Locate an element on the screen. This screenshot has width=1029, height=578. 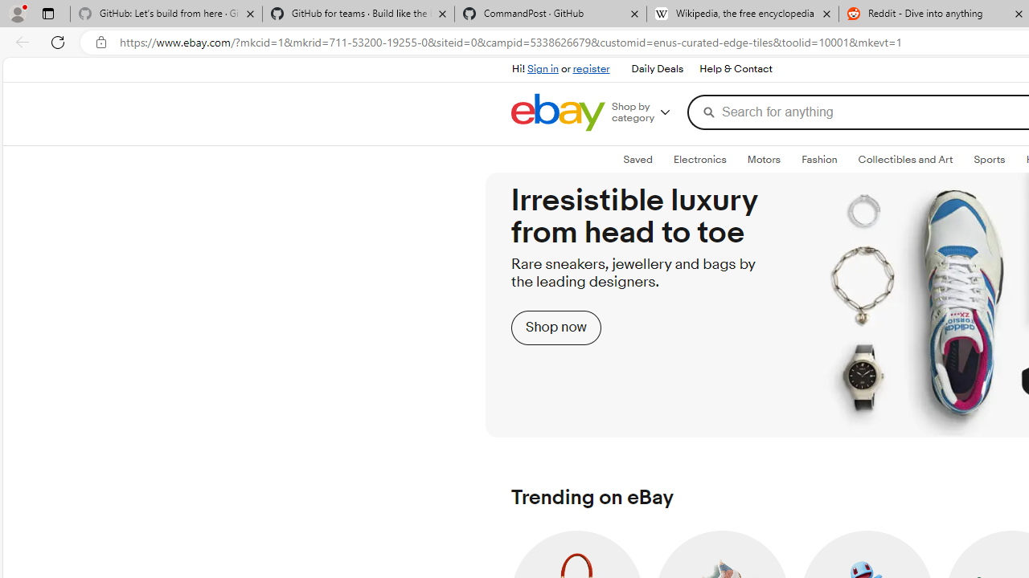
'Motors' is located at coordinates (763, 160).